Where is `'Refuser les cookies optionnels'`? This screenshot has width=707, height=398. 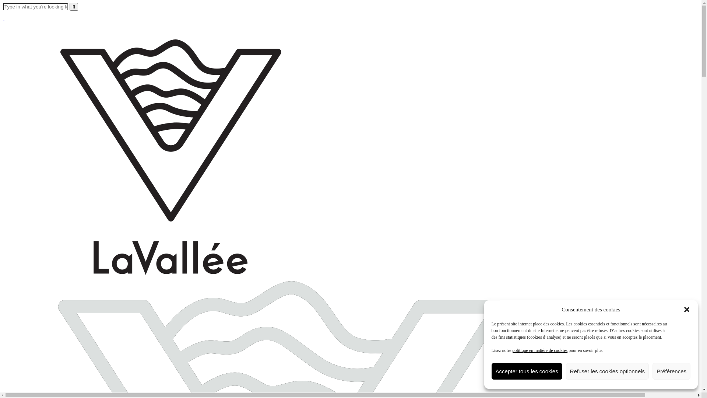 'Refuser les cookies optionnels' is located at coordinates (607, 371).